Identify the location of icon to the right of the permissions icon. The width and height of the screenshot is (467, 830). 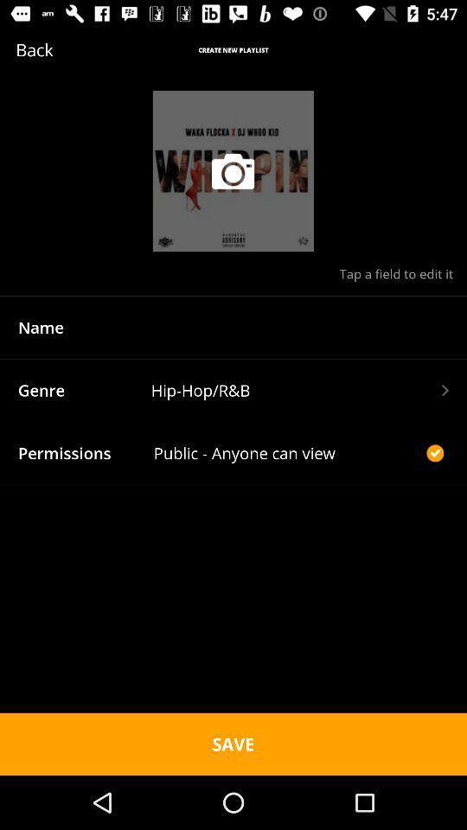
(287, 452).